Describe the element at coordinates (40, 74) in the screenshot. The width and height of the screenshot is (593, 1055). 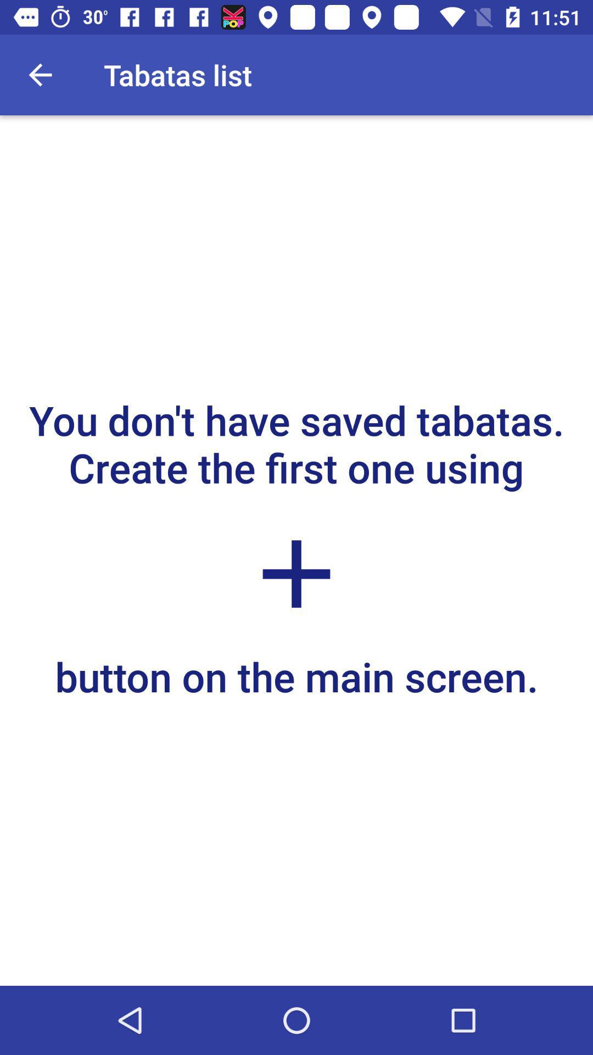
I see `item next to tabatas list item` at that location.